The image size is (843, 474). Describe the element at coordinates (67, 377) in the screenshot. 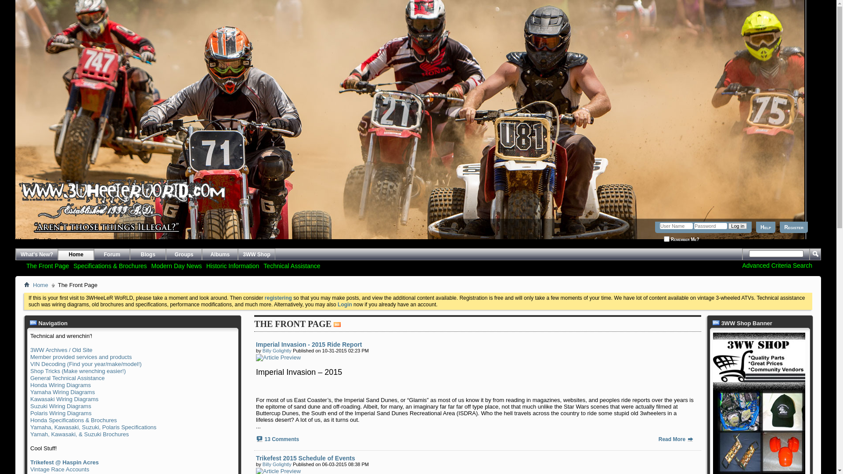

I see `'General Technical Assistance'` at that location.